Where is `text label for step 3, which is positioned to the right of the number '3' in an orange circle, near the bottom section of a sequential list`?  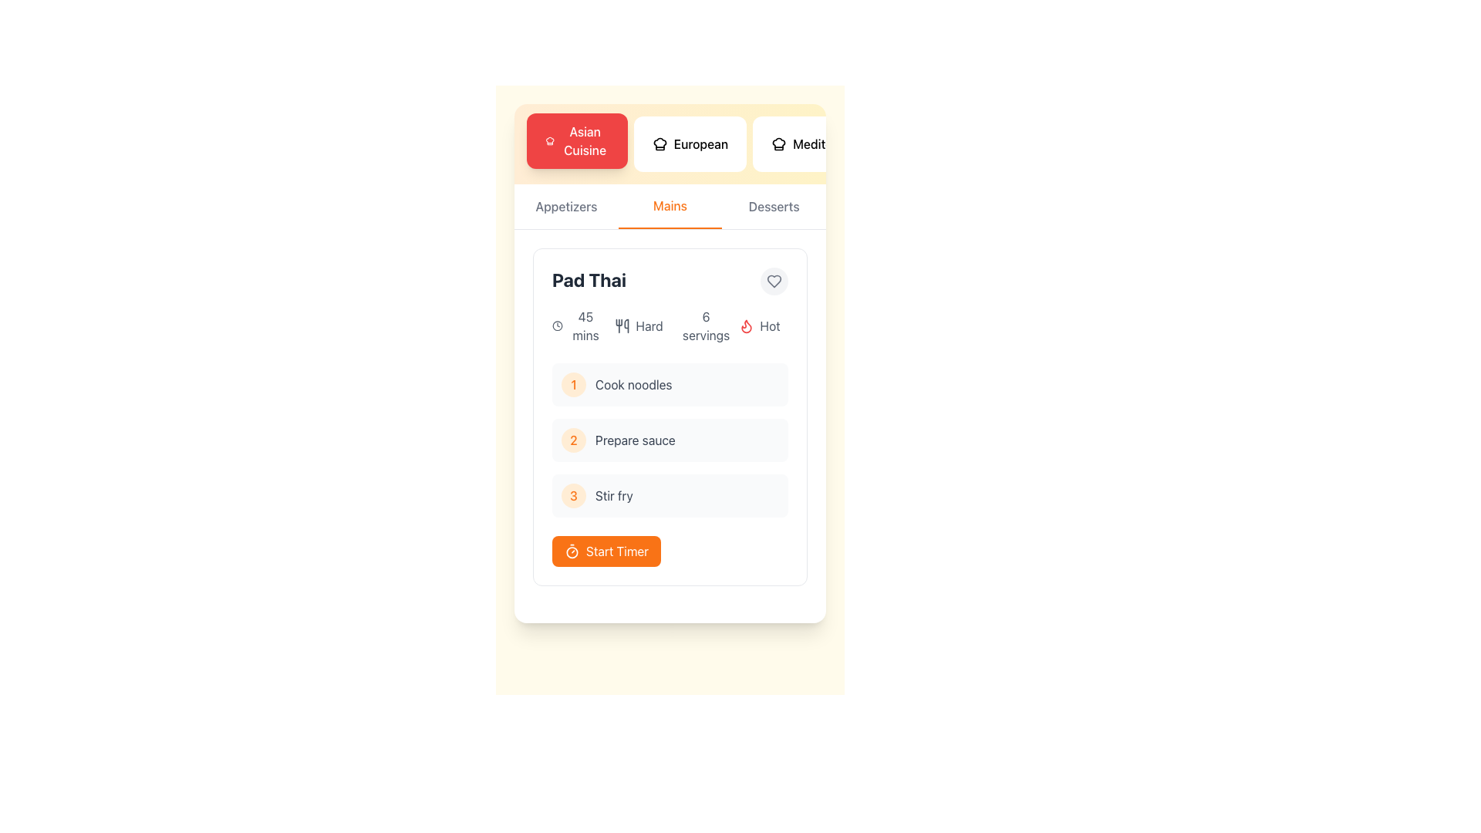
text label for step 3, which is positioned to the right of the number '3' in an orange circle, near the bottom section of a sequential list is located at coordinates (613, 496).